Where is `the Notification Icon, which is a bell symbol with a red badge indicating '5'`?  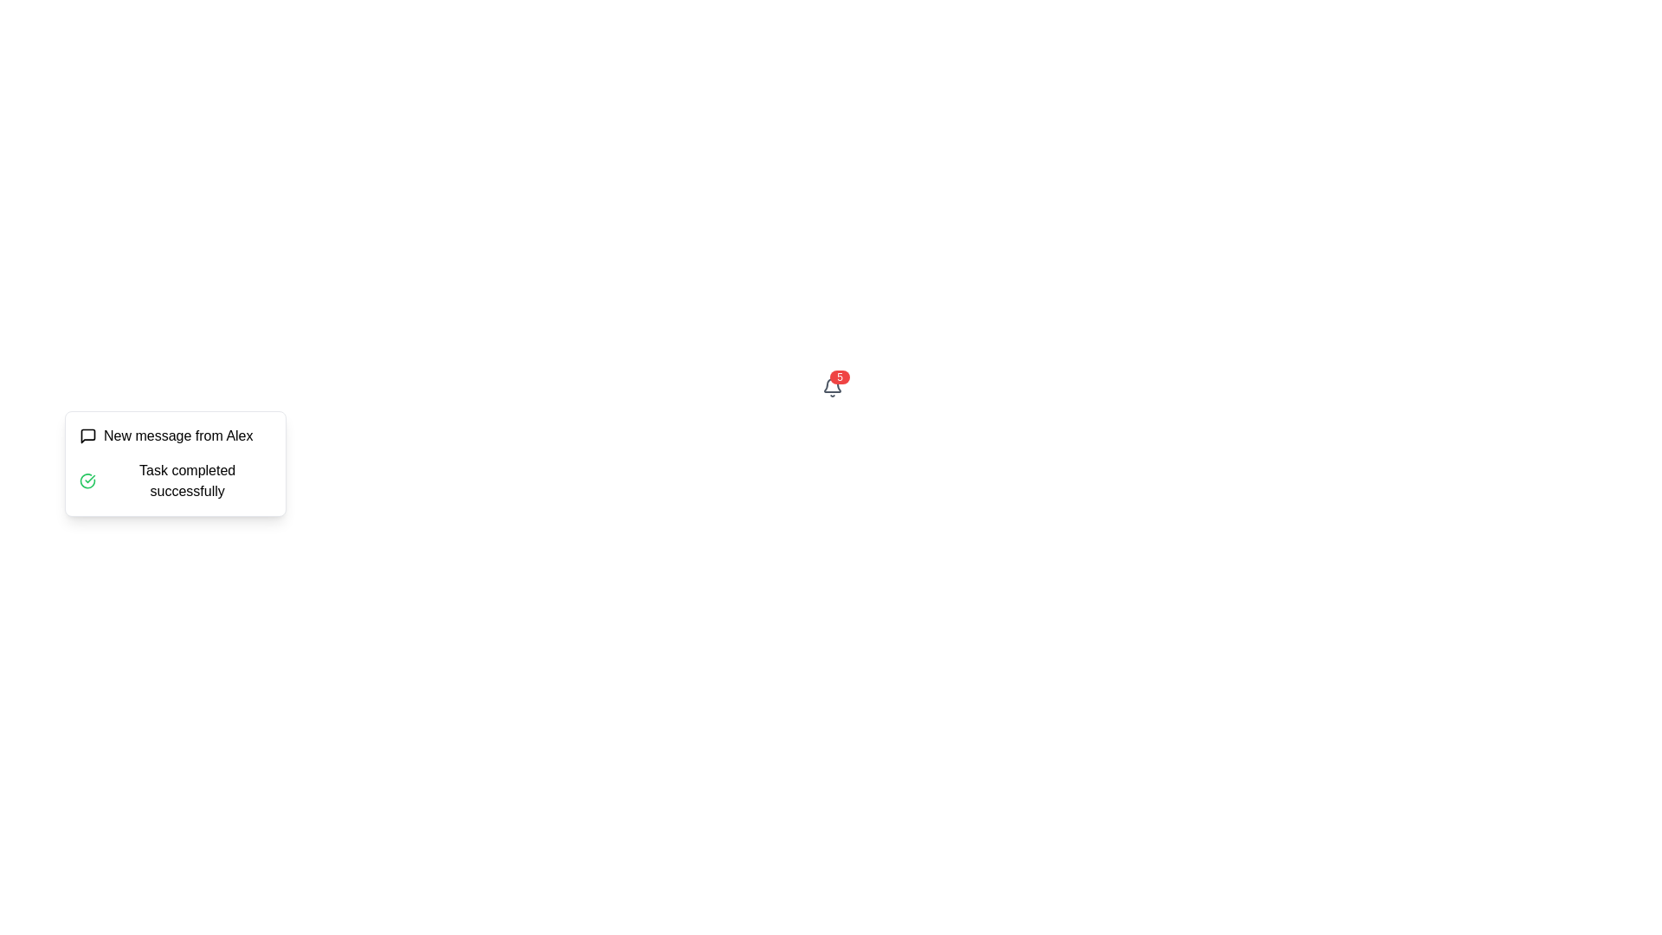 the Notification Icon, which is a bell symbol with a red badge indicating '5' is located at coordinates (832, 390).